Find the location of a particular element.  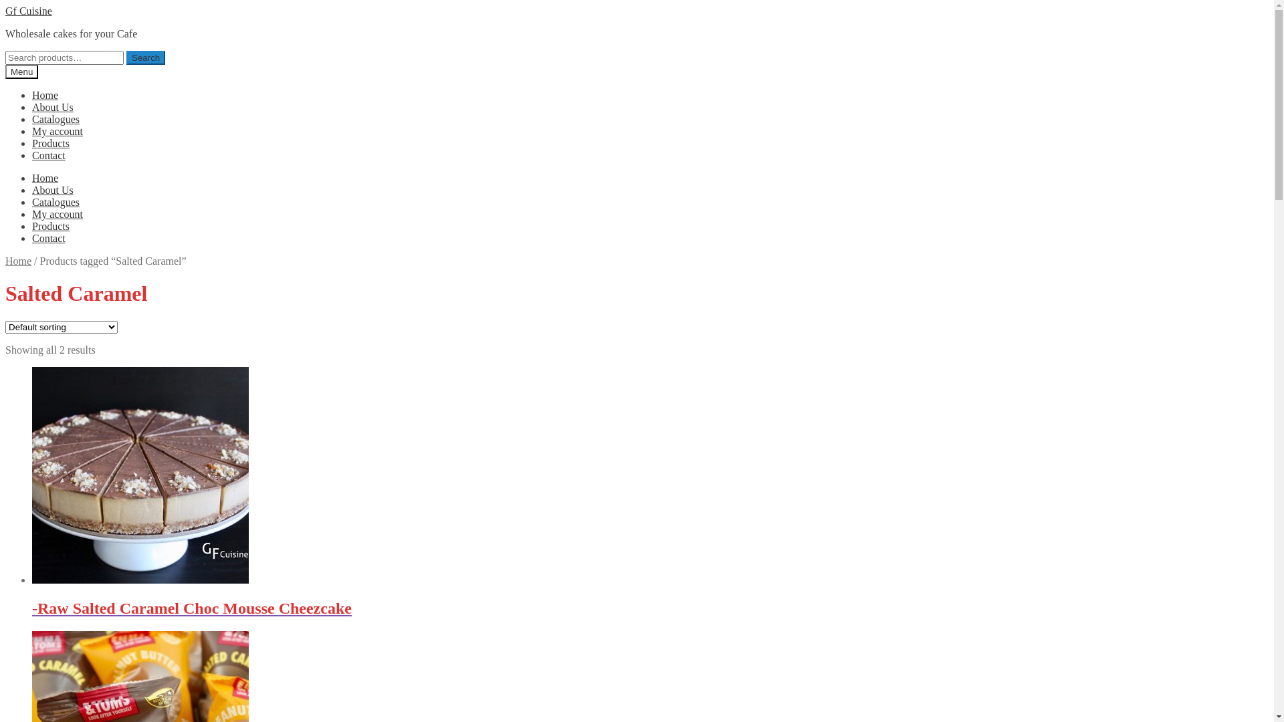

'Catalogues' is located at coordinates (55, 118).